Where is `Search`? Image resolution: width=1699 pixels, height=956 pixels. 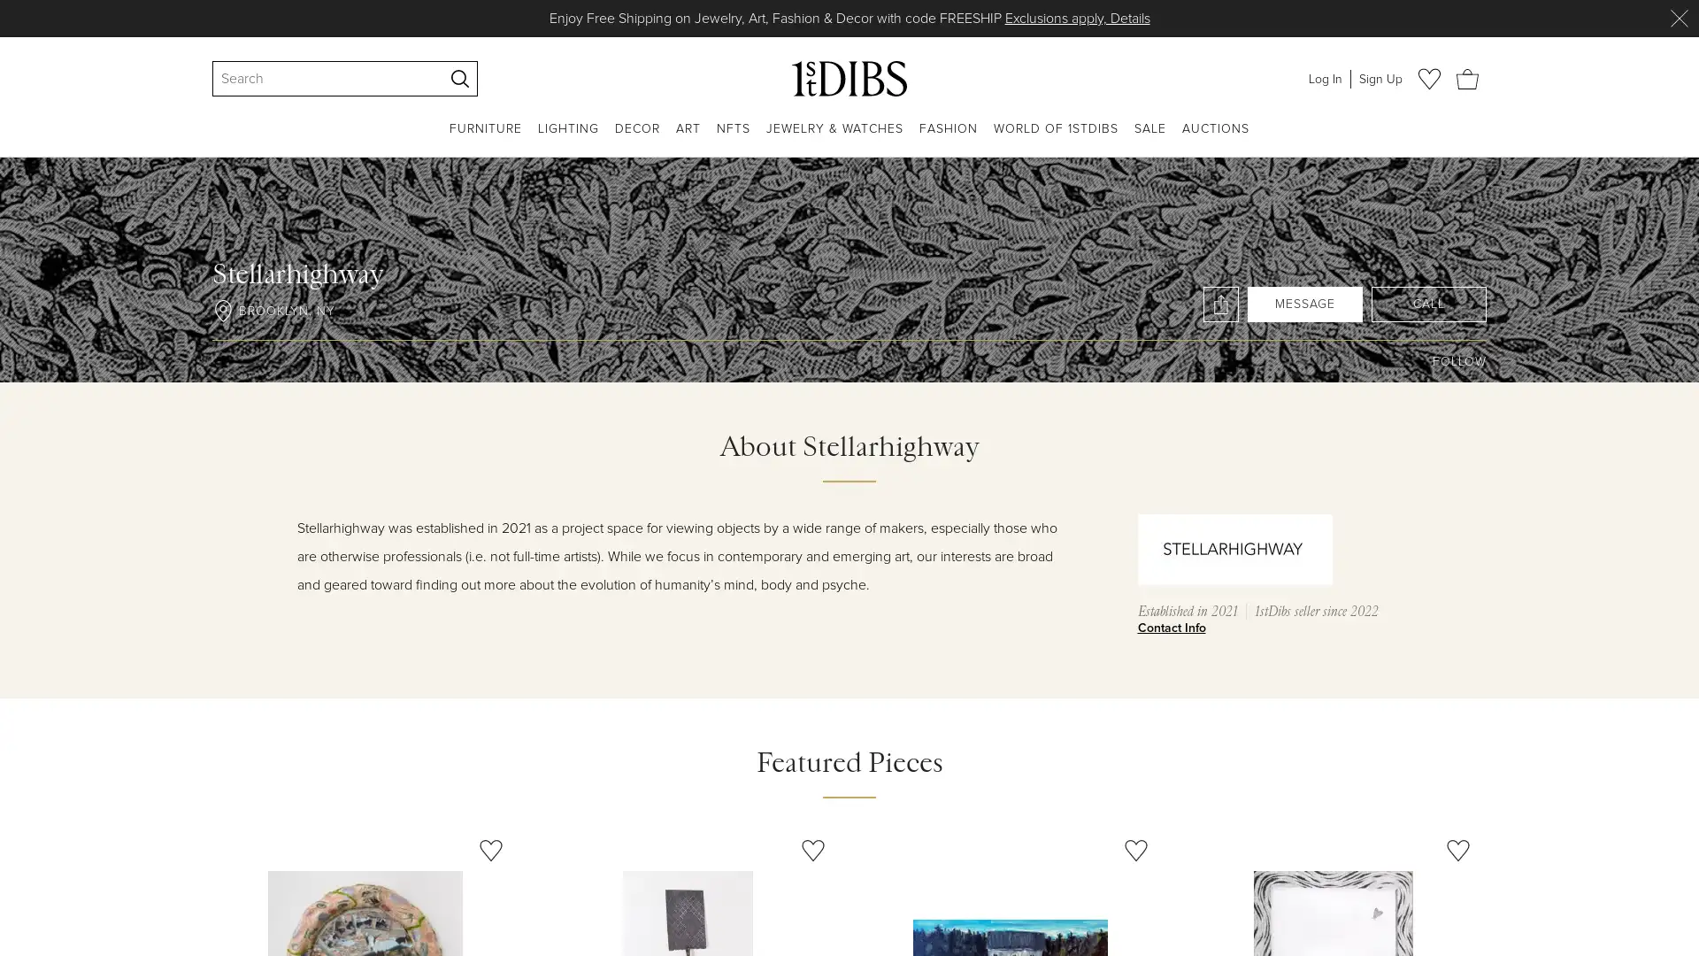
Search is located at coordinates (459, 77).